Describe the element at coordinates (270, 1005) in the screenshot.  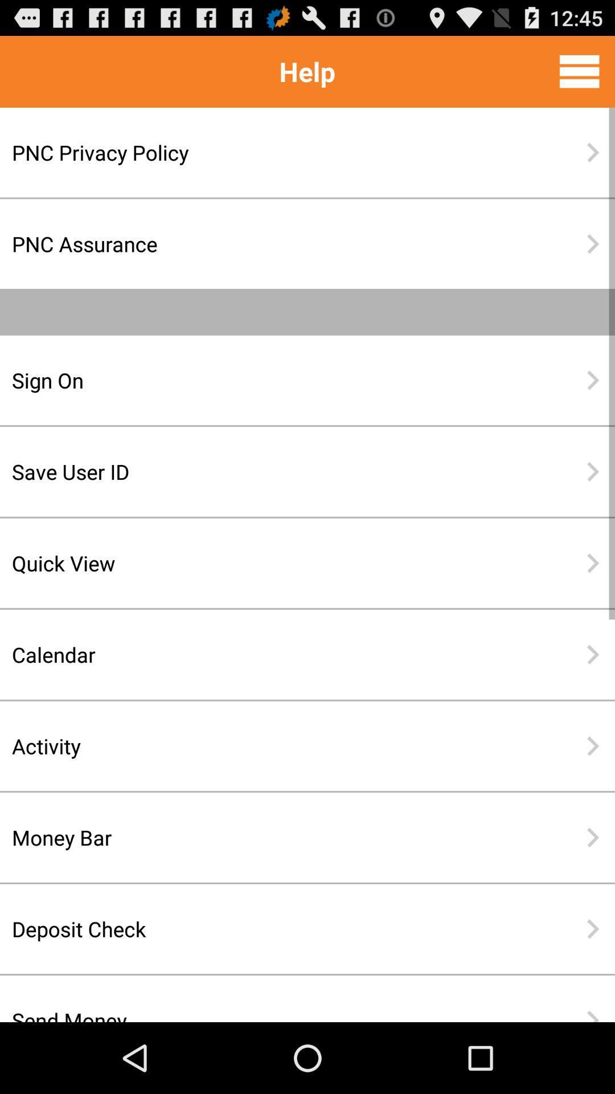
I see `the icon below deposit check` at that location.